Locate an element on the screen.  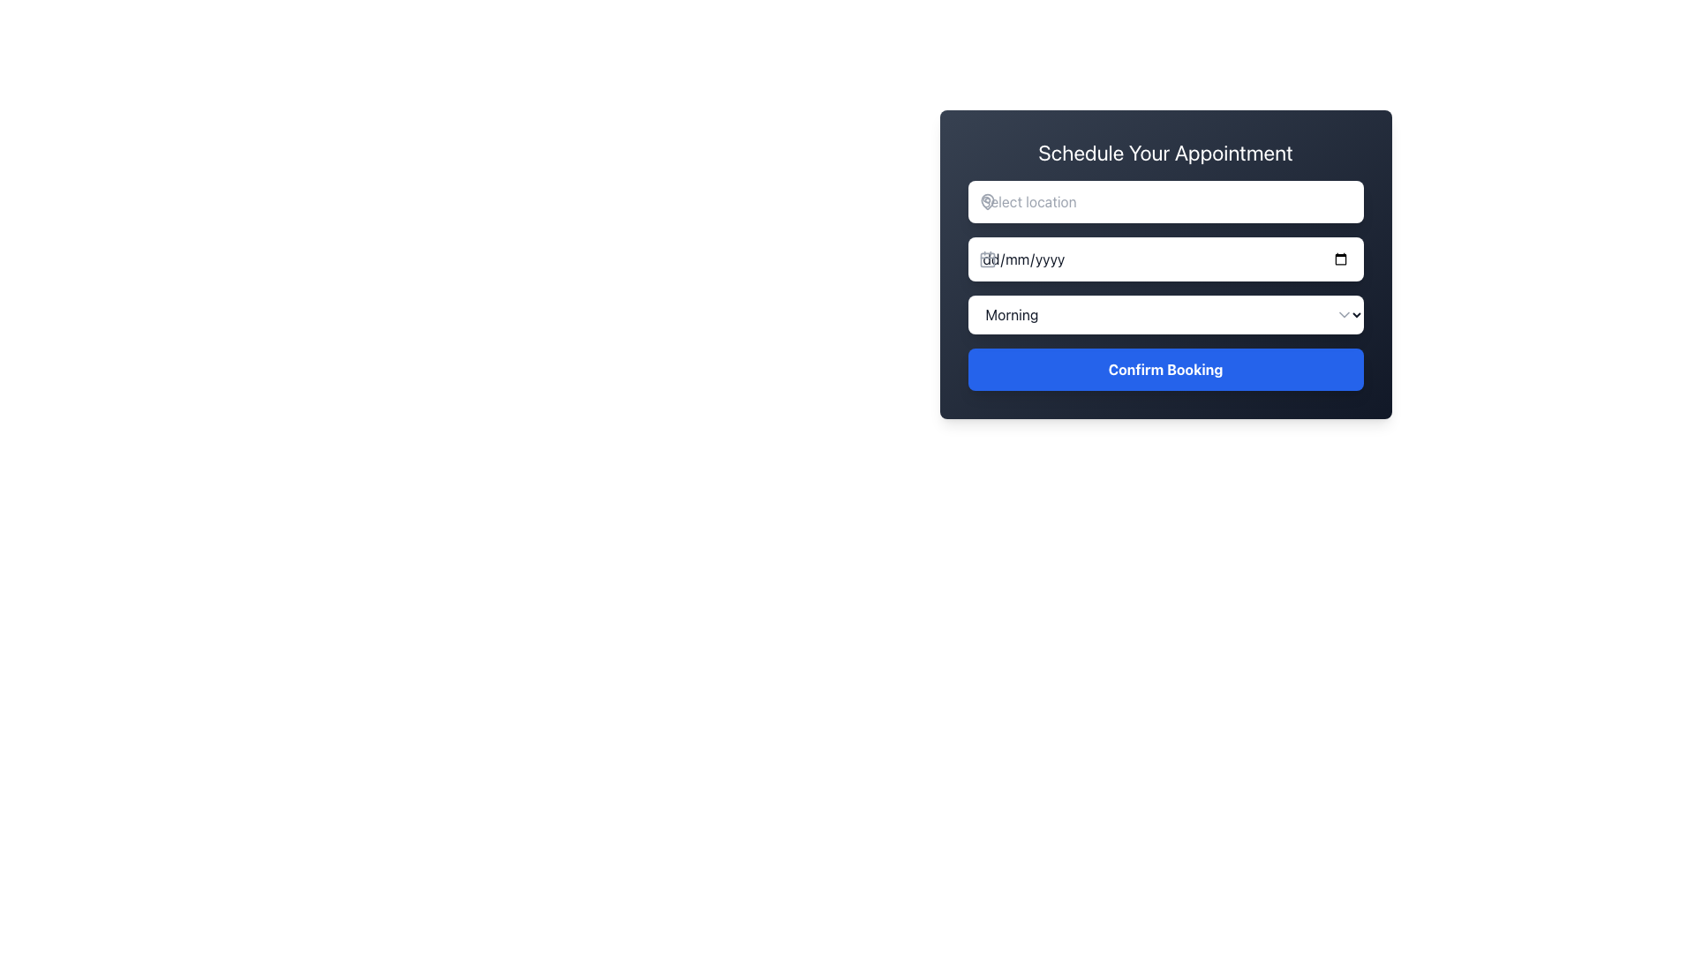
the Date Input Field, which is the second input field in the scheduling form is located at coordinates (1165, 259).